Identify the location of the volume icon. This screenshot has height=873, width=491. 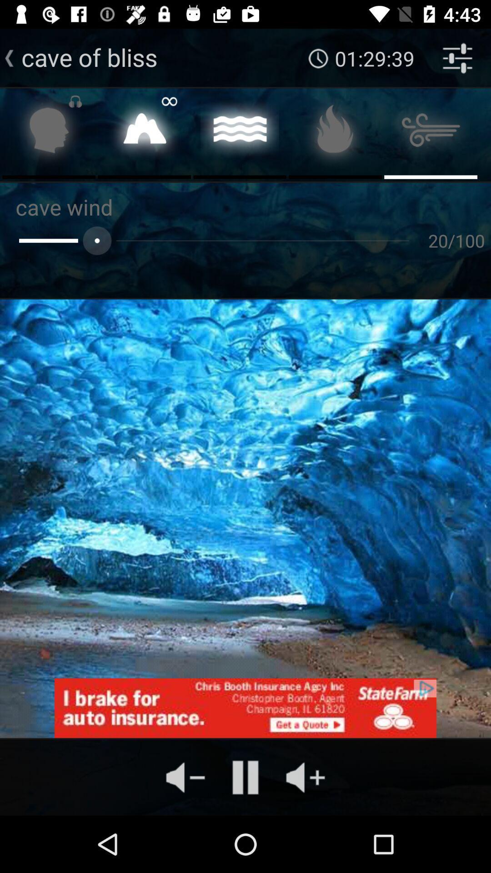
(185, 777).